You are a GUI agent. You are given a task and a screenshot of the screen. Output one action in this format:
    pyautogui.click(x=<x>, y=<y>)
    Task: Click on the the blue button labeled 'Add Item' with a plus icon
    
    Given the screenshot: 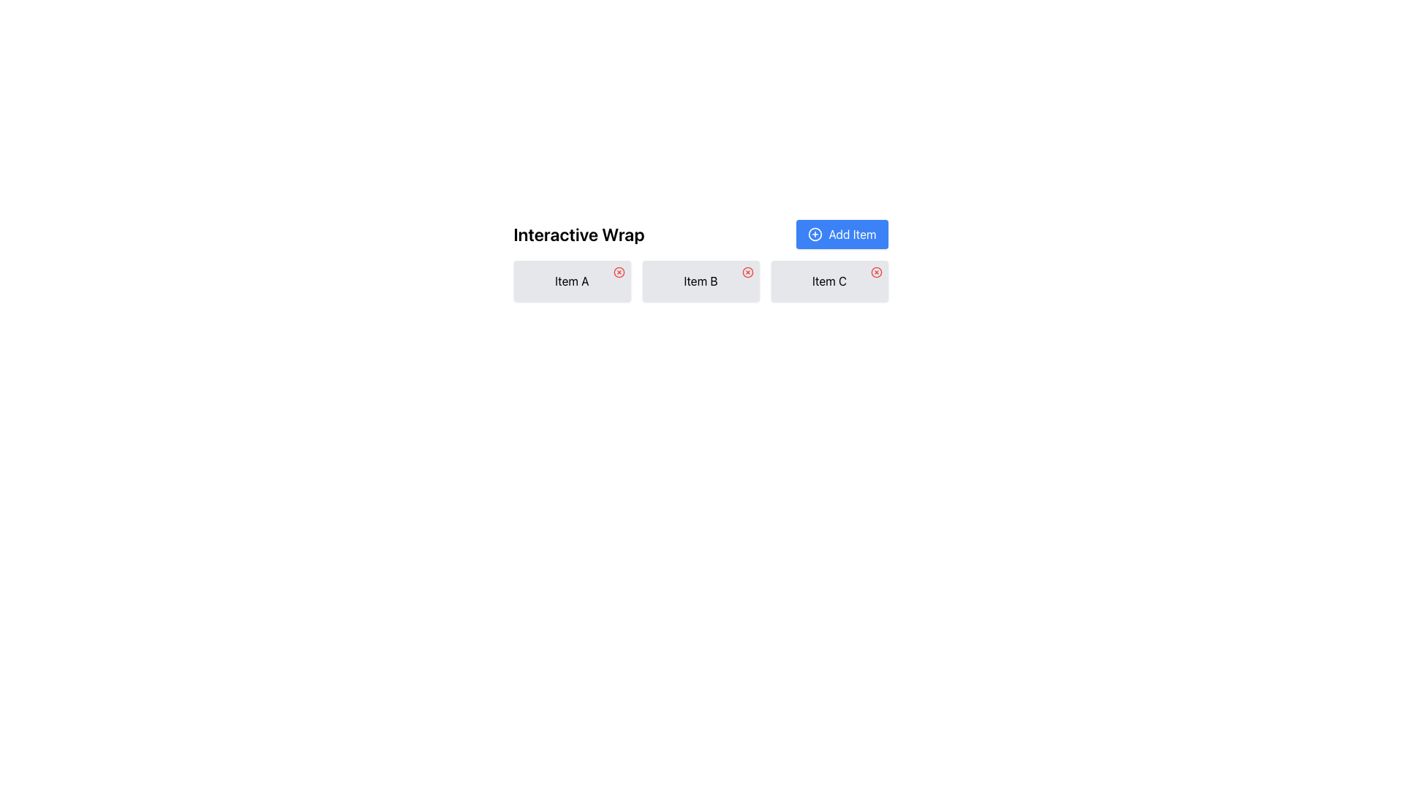 What is the action you would take?
    pyautogui.click(x=842, y=233)
    